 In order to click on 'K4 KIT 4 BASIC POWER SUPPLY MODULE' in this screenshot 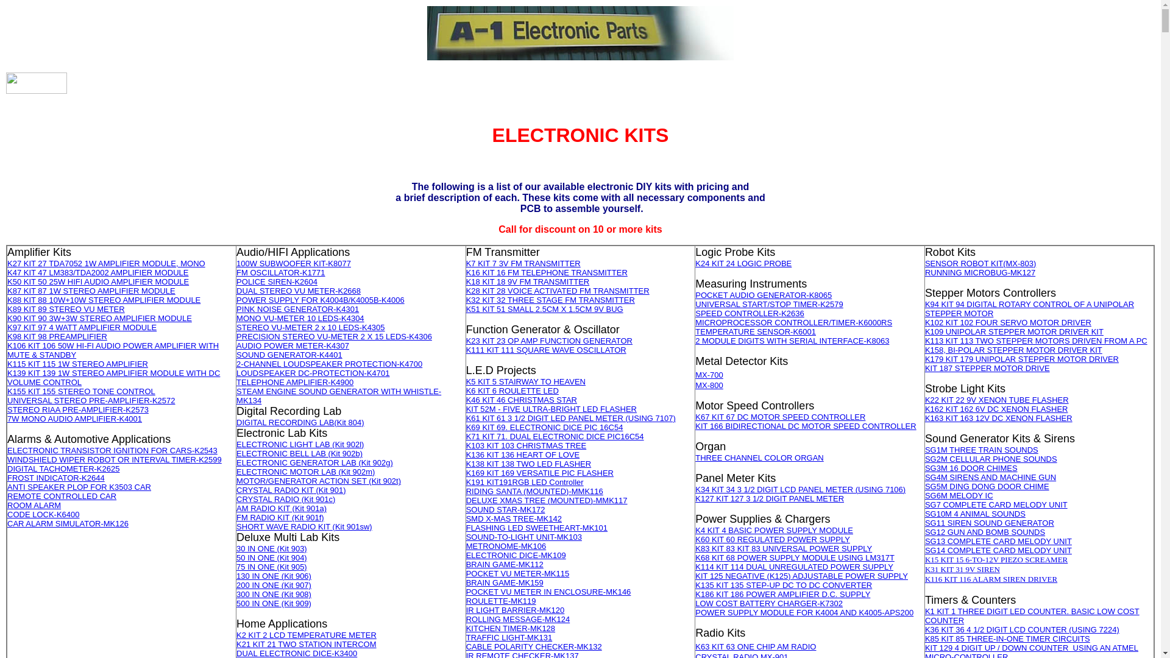, I will do `click(773, 529)`.